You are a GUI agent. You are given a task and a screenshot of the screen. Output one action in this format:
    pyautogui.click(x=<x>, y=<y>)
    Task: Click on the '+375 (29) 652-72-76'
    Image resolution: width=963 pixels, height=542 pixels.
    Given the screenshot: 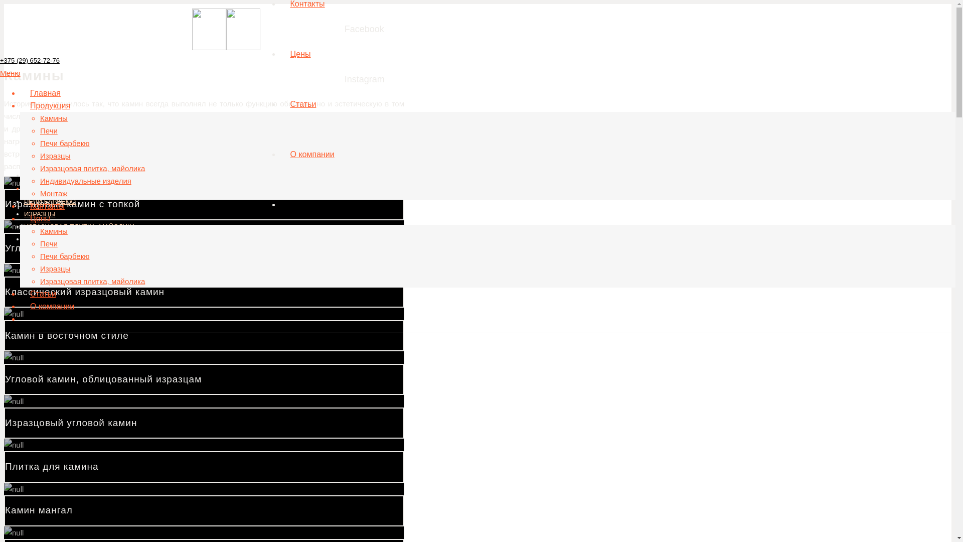 What is the action you would take?
    pyautogui.click(x=30, y=60)
    